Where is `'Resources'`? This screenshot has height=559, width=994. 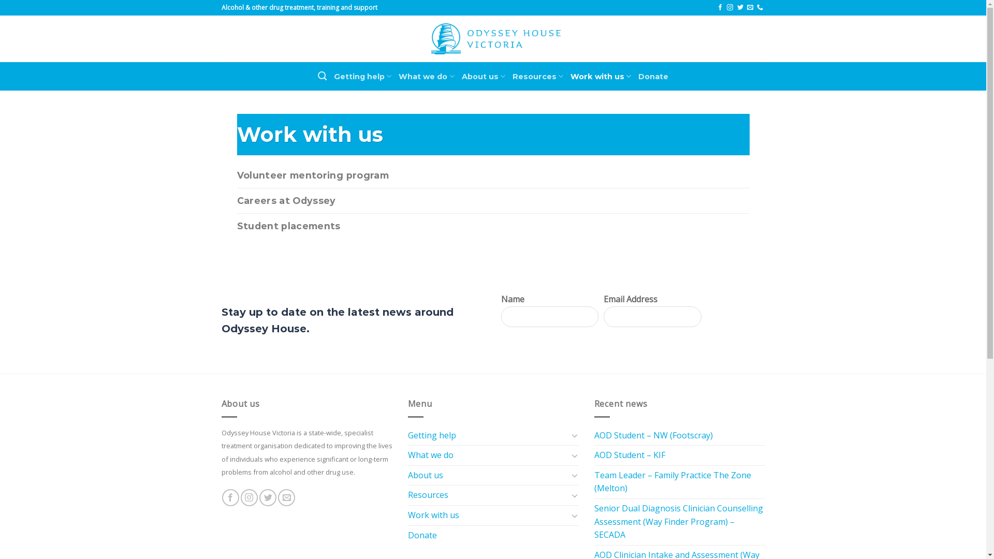
'Resources' is located at coordinates (537, 75).